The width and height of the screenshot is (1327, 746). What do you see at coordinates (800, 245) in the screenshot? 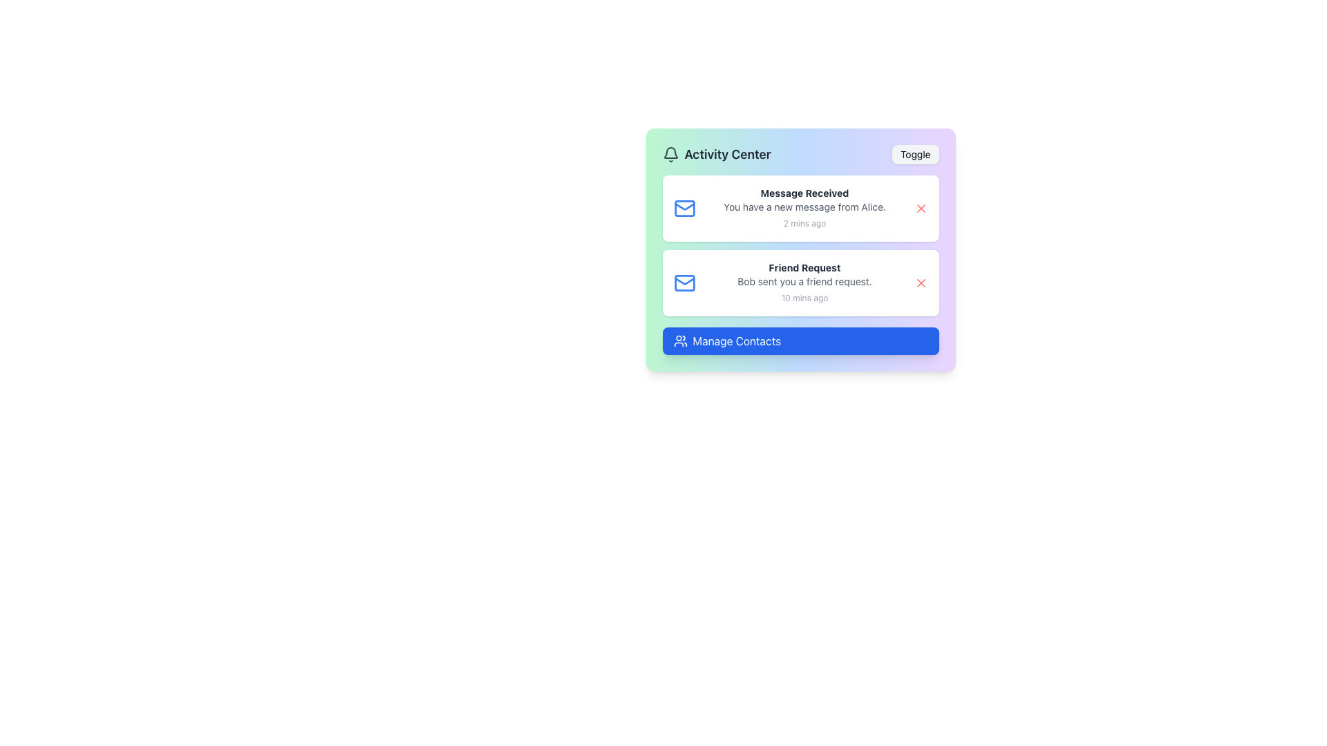
I see `the notification list element located within the 'Activity Center', which displays notifications including 'Message Received' and 'Friend Request'` at bounding box center [800, 245].